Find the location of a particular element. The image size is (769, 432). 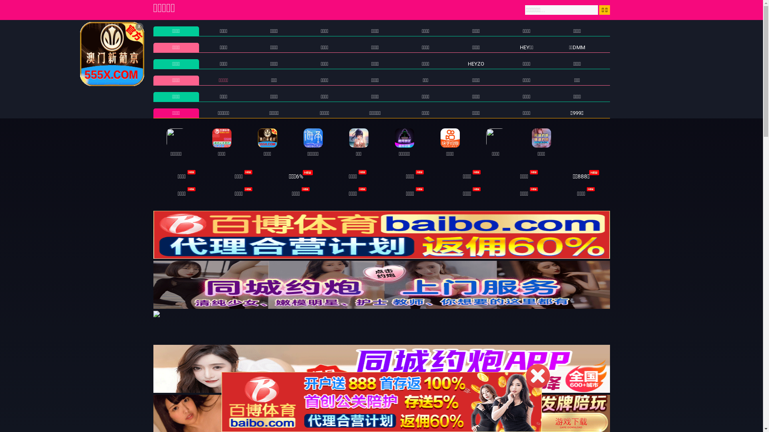

'HEYZO' is located at coordinates (467, 63).